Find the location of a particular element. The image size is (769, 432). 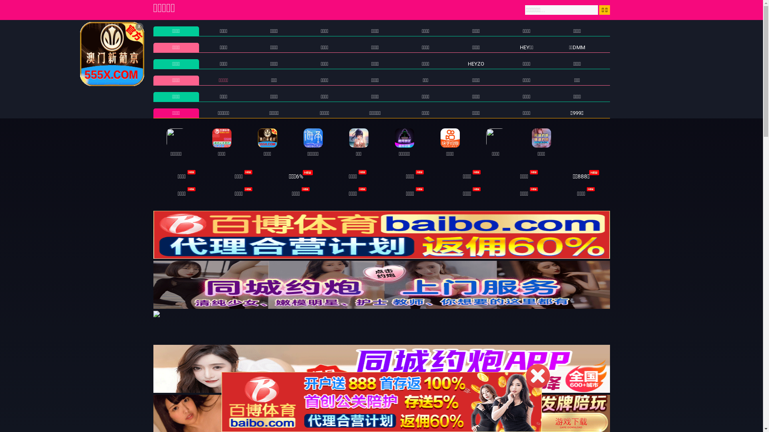

'HEYZO' is located at coordinates (467, 63).